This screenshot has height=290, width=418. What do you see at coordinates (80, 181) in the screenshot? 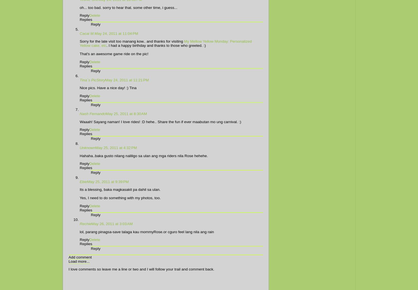
I see `'Ebie'` at bounding box center [80, 181].